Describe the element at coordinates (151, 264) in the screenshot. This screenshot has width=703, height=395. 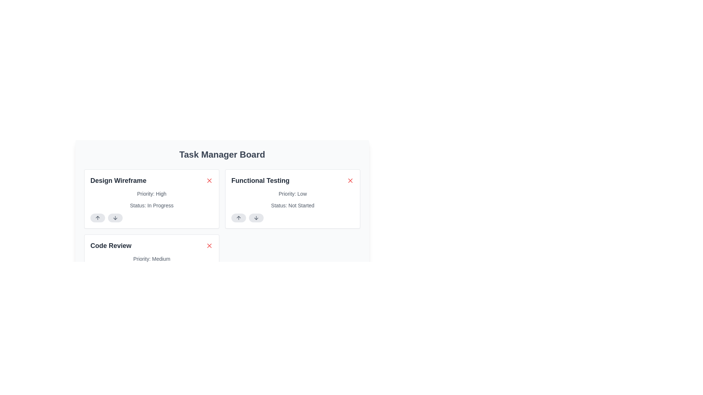
I see `the third task card in the task management interface, which displays key information about a task including its title, priority, and status` at that location.